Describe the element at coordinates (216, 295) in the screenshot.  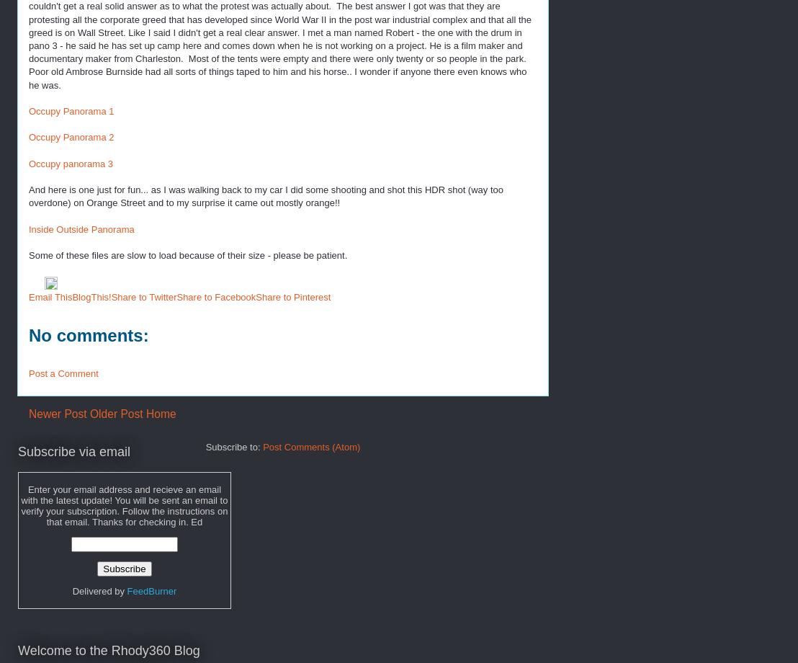
I see `'Share to Facebook'` at that location.